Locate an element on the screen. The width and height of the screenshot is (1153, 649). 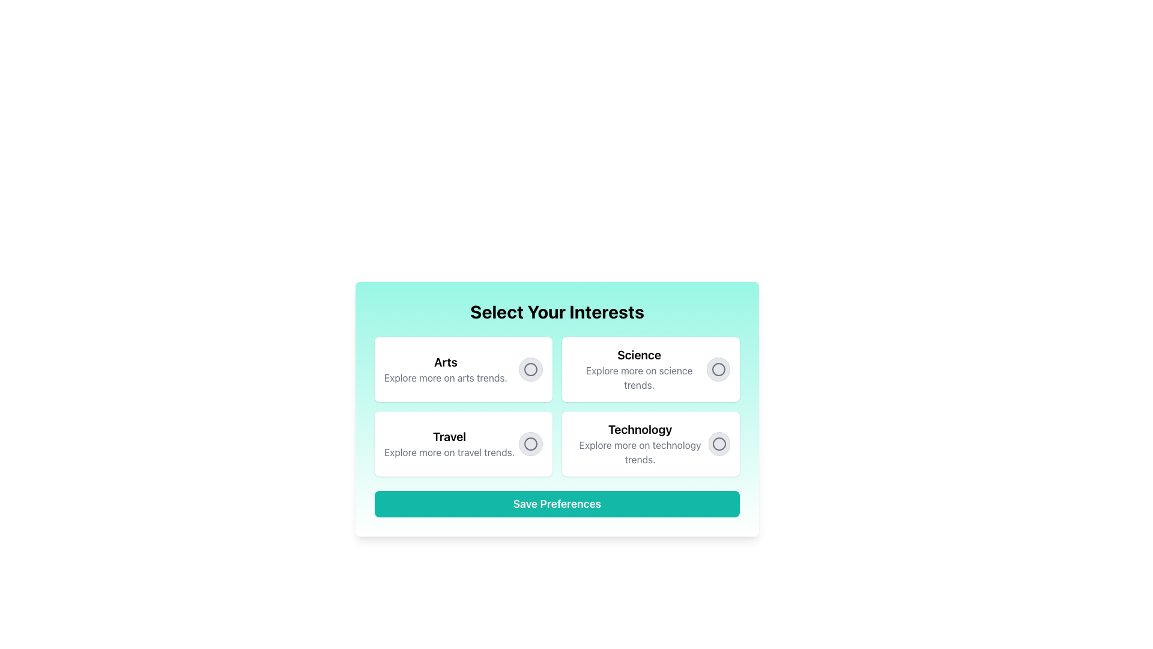
the text label that serves as a title for its associated card, located in the lower-left quadrant of the interface, specifically the third card below the 'Arts' card and to the left of the 'Technology' card is located at coordinates (449, 436).